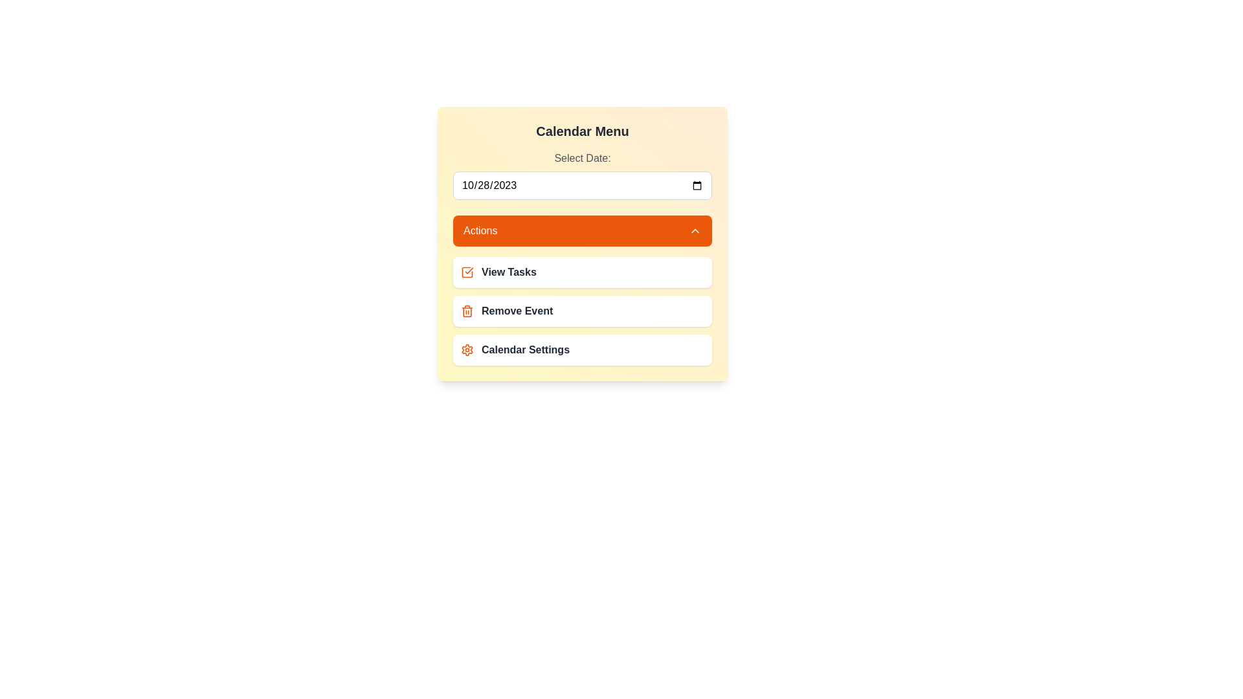  Describe the element at coordinates (582, 349) in the screenshot. I see `the action 'Calendar Settings' from the menu` at that location.